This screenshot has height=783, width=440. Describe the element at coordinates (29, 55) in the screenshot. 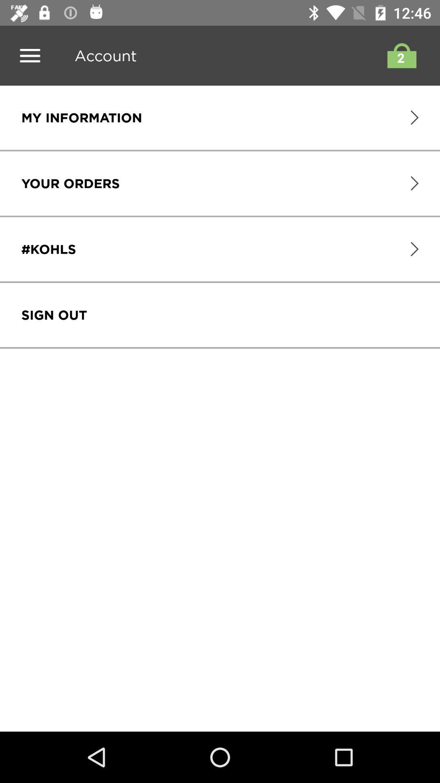

I see `list the menu` at that location.